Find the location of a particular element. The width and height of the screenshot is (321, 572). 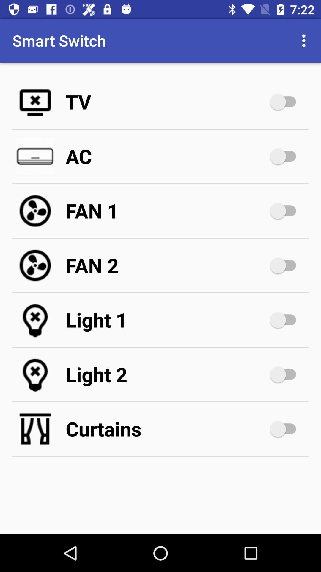

the fan 1 icon is located at coordinates (166, 211).